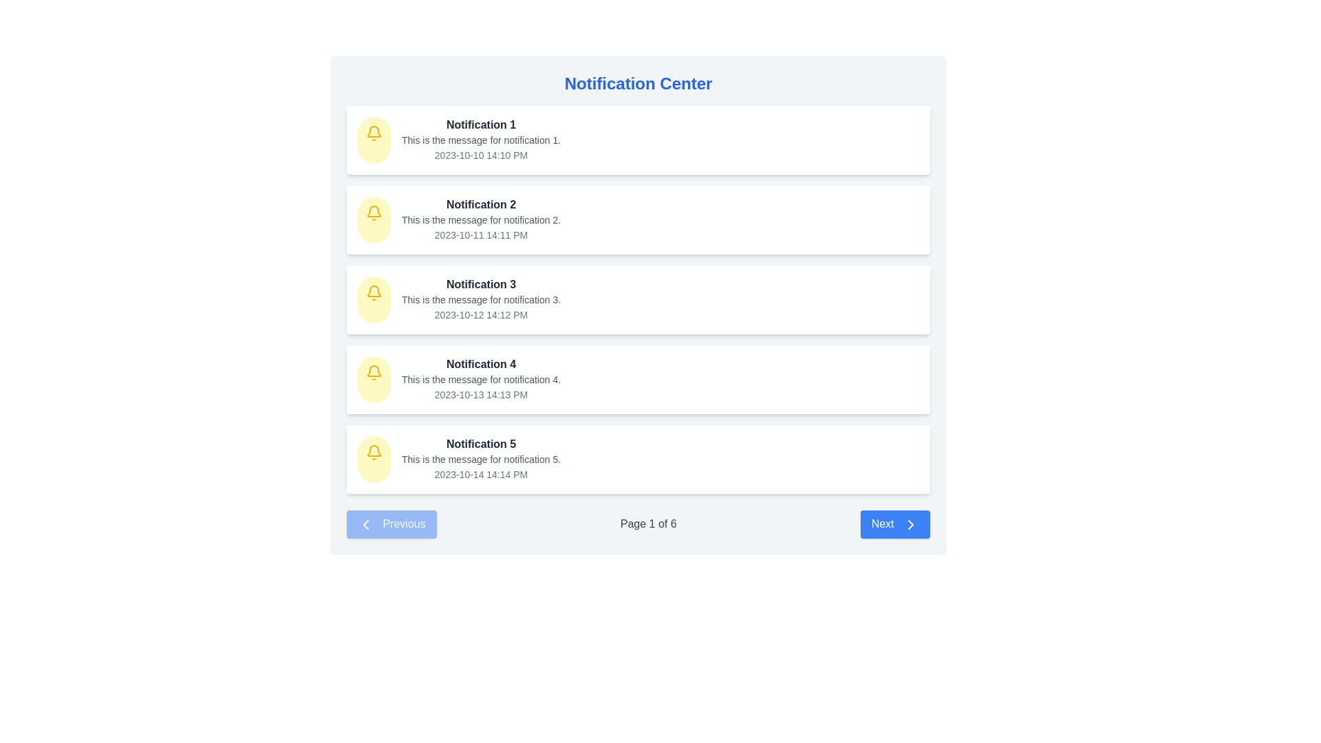 The image size is (1321, 743). I want to click on timestamp text label displaying '2023-10-11 14:11 PM' located under the notification heading and message text in the second notification card, so click(481, 235).